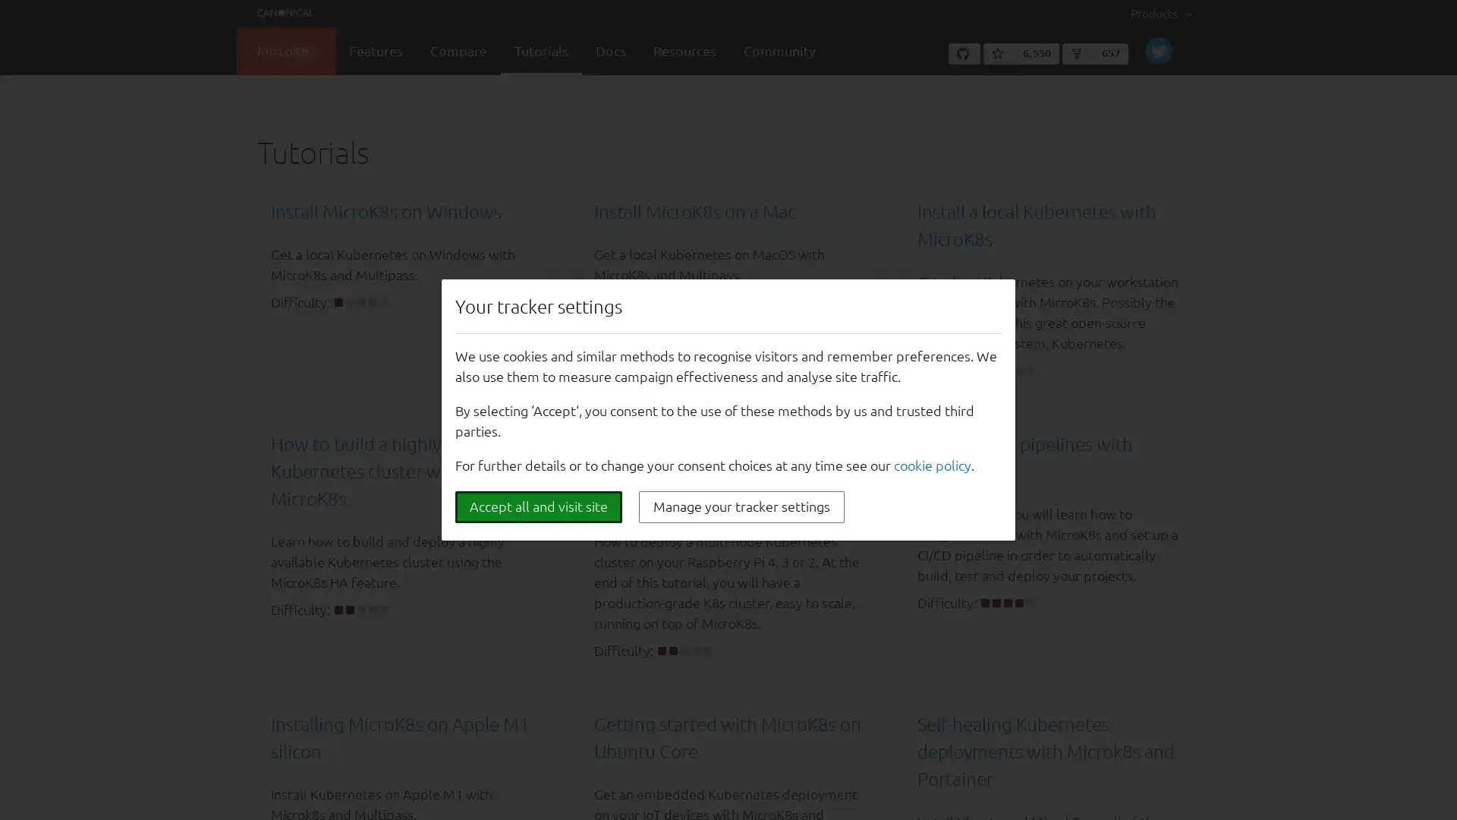 The width and height of the screenshot is (1457, 820). Describe the element at coordinates (741, 506) in the screenshot. I see `Manage your tracker settings` at that location.